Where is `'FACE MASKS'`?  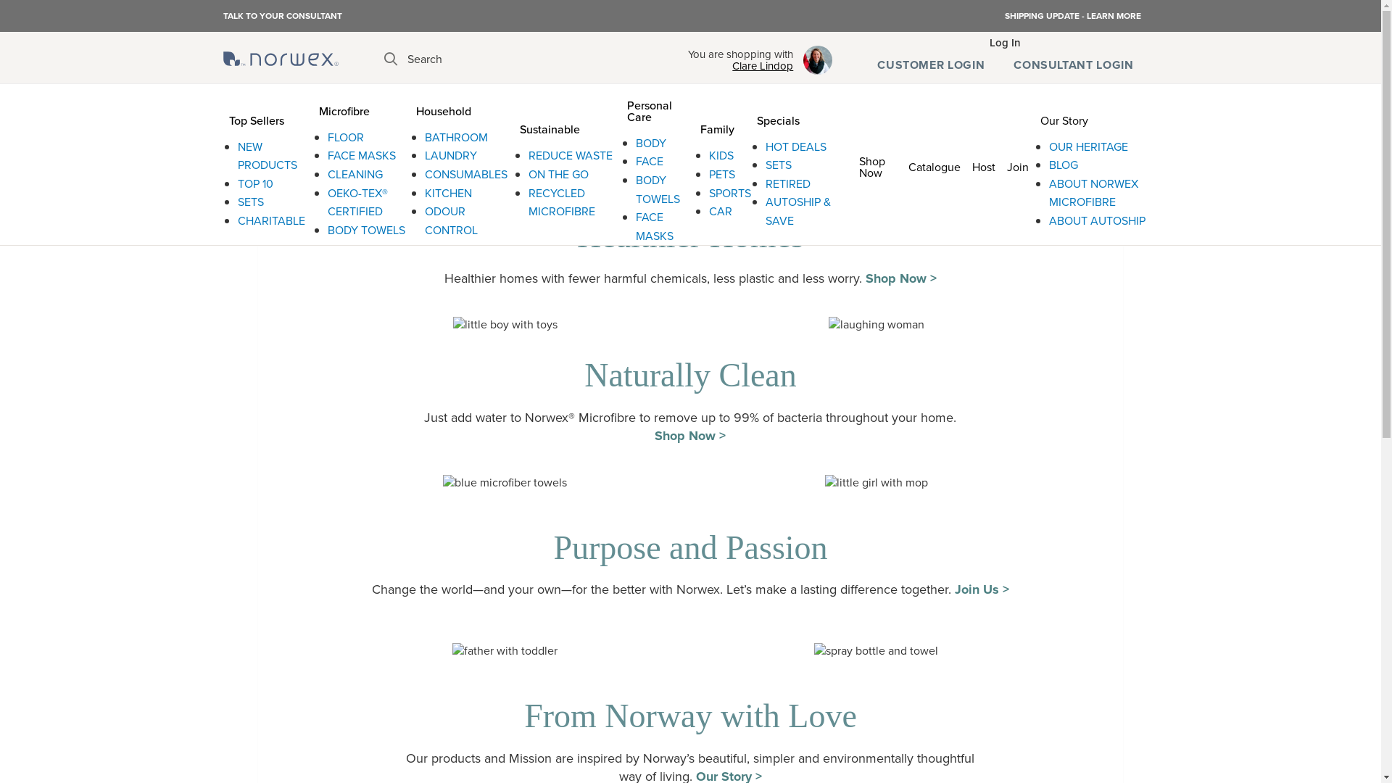 'FACE MASKS' is located at coordinates (362, 155).